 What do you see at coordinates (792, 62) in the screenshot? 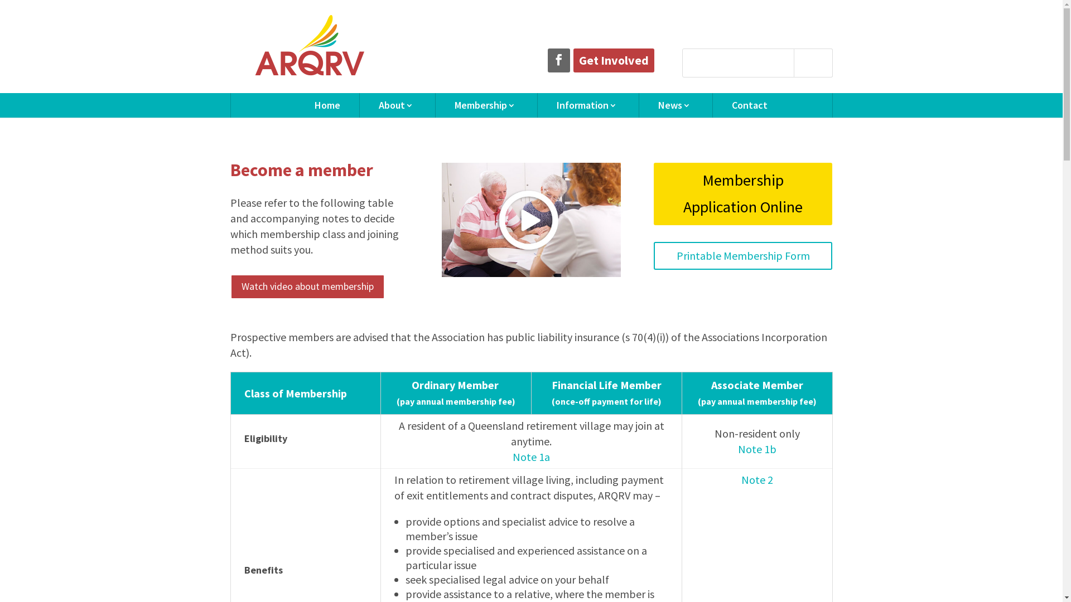
I see `'Search'` at bounding box center [792, 62].